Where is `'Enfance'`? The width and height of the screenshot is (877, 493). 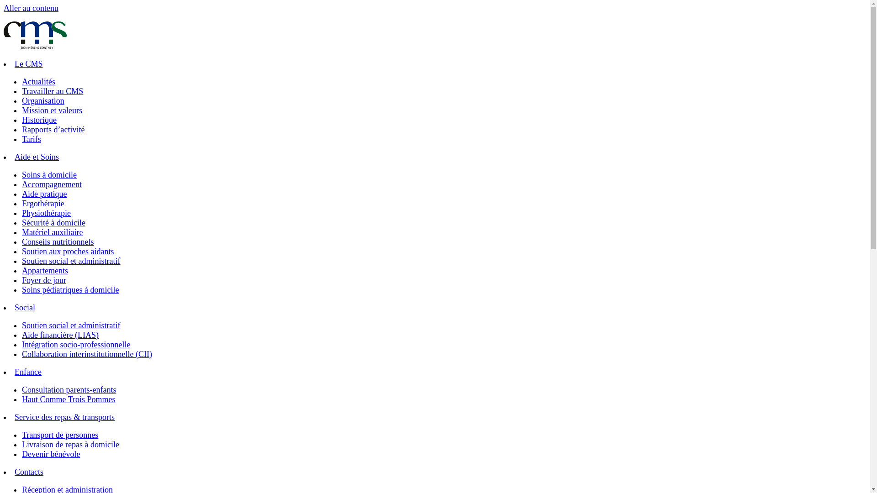
'Enfance' is located at coordinates (15, 372).